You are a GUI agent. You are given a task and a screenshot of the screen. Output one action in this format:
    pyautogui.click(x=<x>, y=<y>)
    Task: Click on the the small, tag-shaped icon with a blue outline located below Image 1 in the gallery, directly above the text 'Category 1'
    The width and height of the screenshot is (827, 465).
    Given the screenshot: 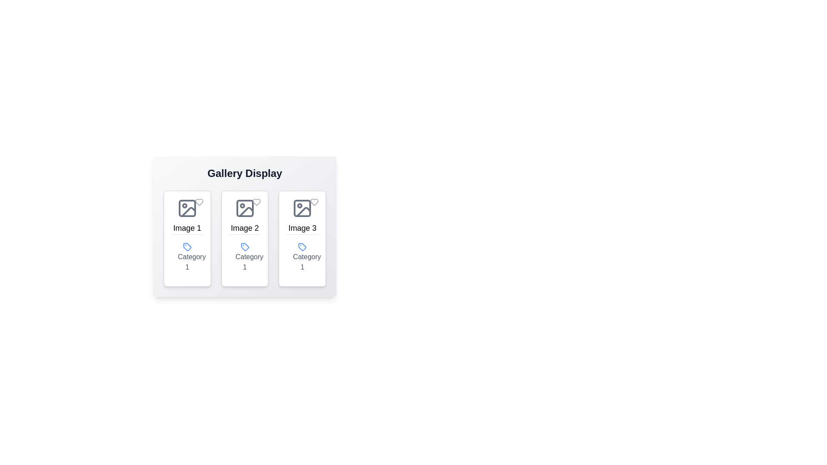 What is the action you would take?
    pyautogui.click(x=187, y=247)
    